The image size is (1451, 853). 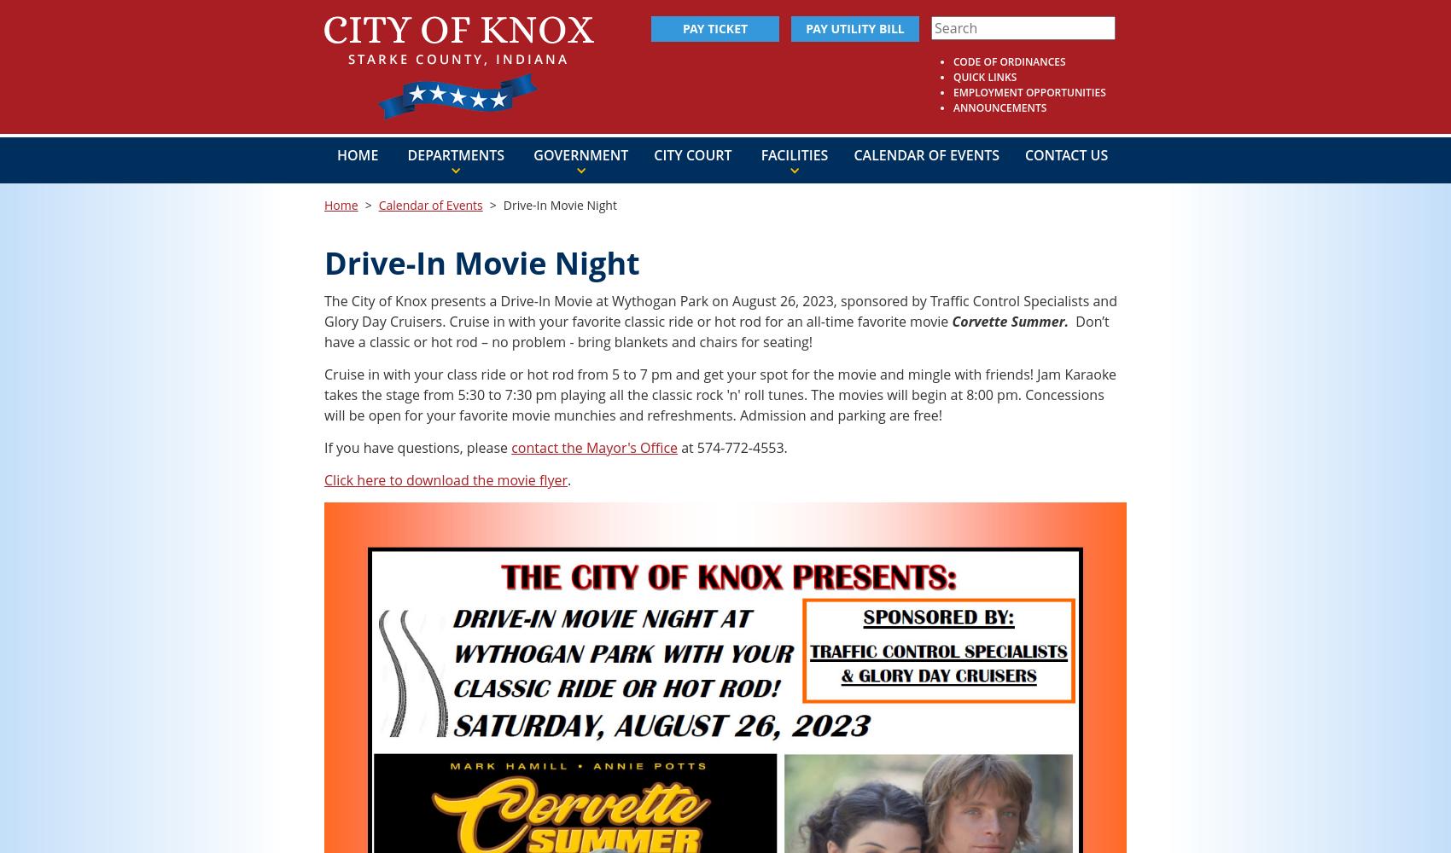 I want to click on 'Pay Ticket', so click(x=714, y=28).